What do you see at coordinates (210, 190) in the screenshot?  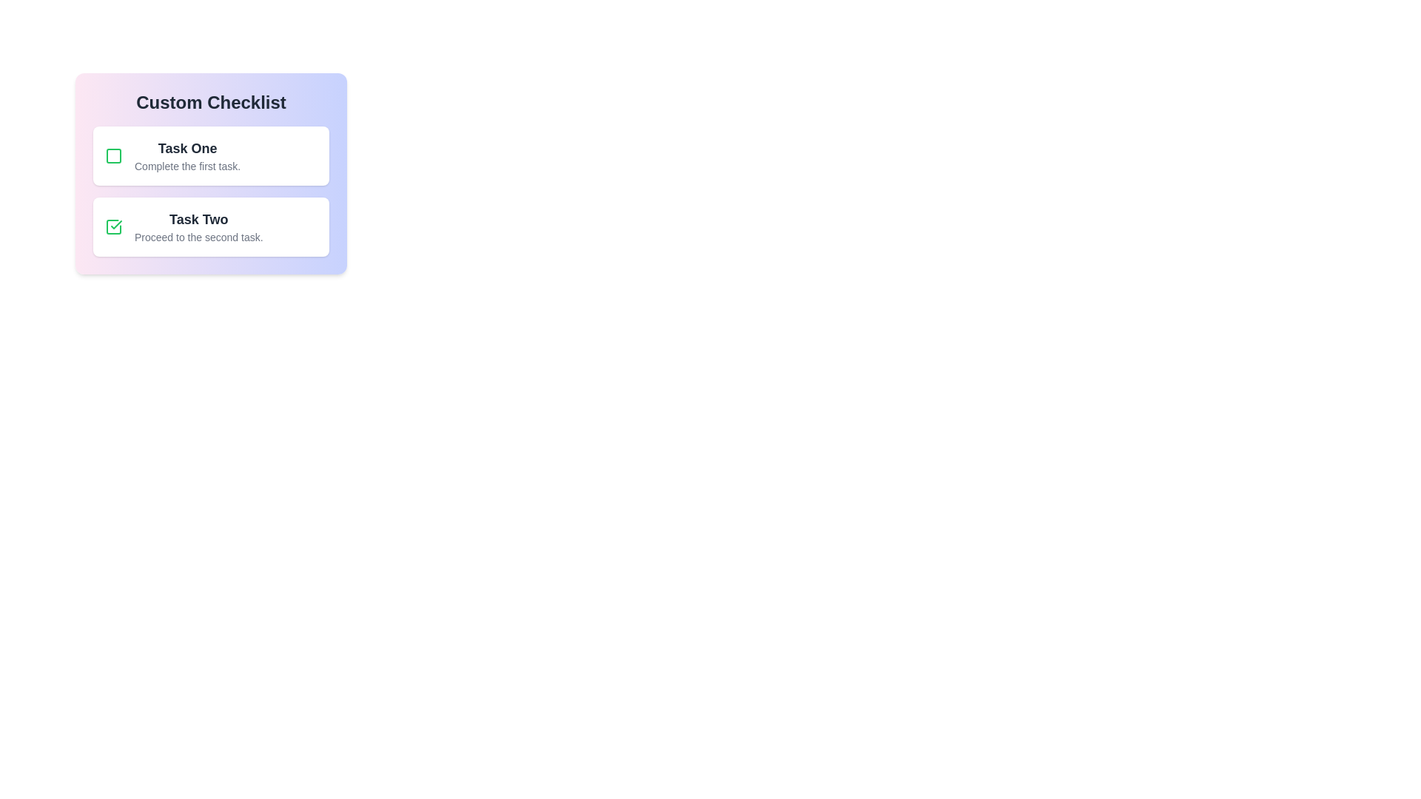 I see `task information presented in the Checklist Component, which includes 'Task One' and 'Task Two' with their descriptions` at bounding box center [210, 190].